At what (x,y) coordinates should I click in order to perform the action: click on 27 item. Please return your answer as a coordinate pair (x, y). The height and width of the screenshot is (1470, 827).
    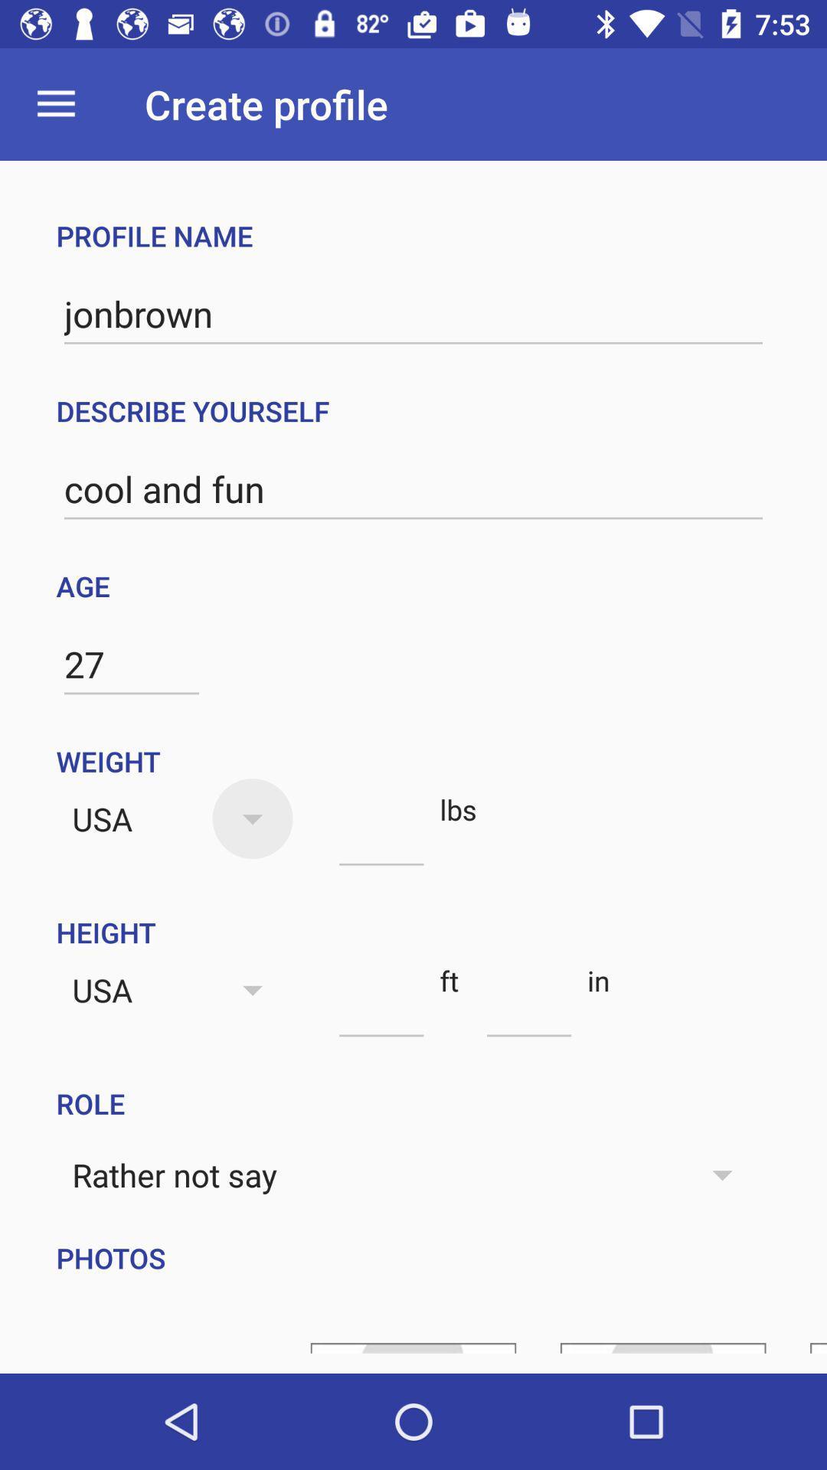
    Looking at the image, I should click on (131, 665).